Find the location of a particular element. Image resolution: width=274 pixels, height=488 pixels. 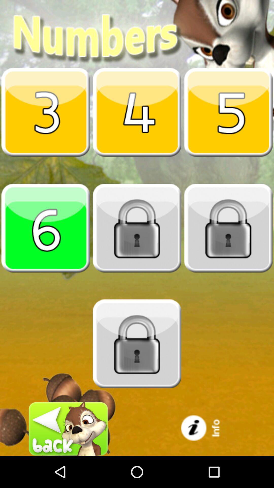

go back is located at coordinates (68, 429).